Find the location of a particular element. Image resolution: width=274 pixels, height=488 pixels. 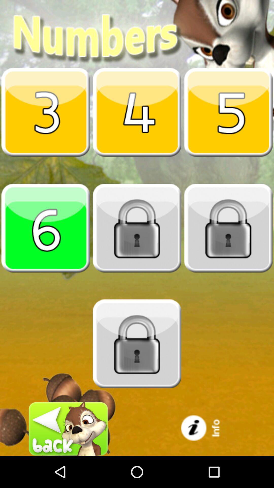

go back is located at coordinates (68, 429).